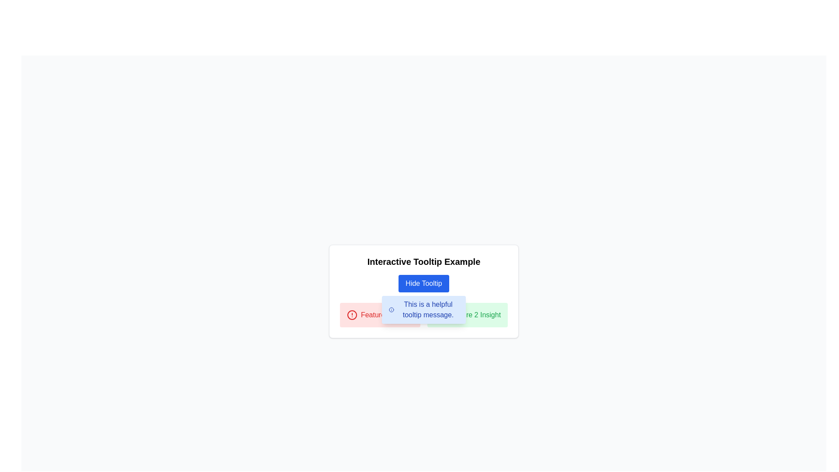  Describe the element at coordinates (423, 309) in the screenshot. I see `the tooltip that displays the message 'This is a helpful tooltip message.' by moving the cursor to its center point` at that location.